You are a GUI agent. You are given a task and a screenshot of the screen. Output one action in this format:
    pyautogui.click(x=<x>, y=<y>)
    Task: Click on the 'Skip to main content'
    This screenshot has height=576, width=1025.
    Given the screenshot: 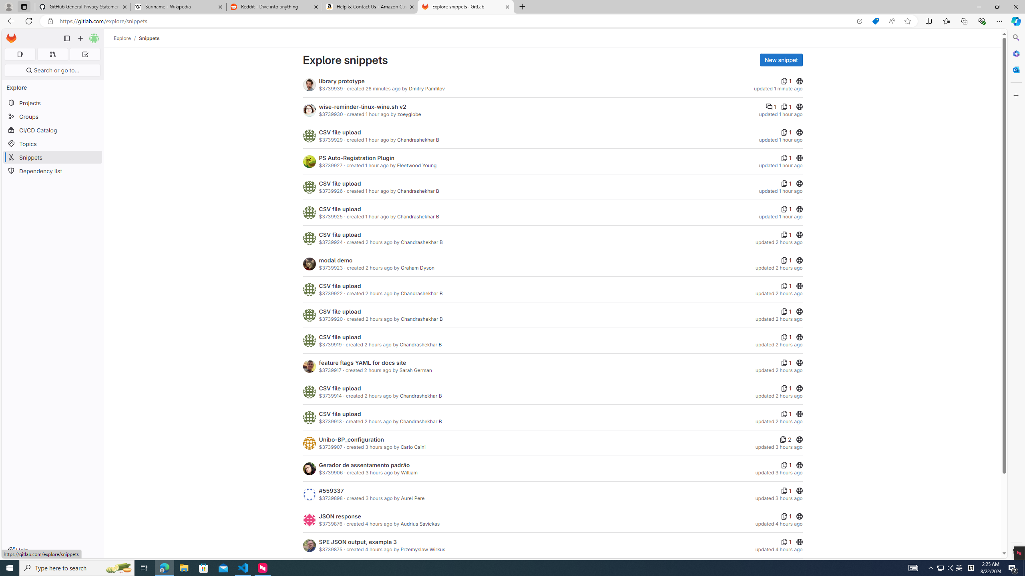 What is the action you would take?
    pyautogui.click(x=10, y=35)
    